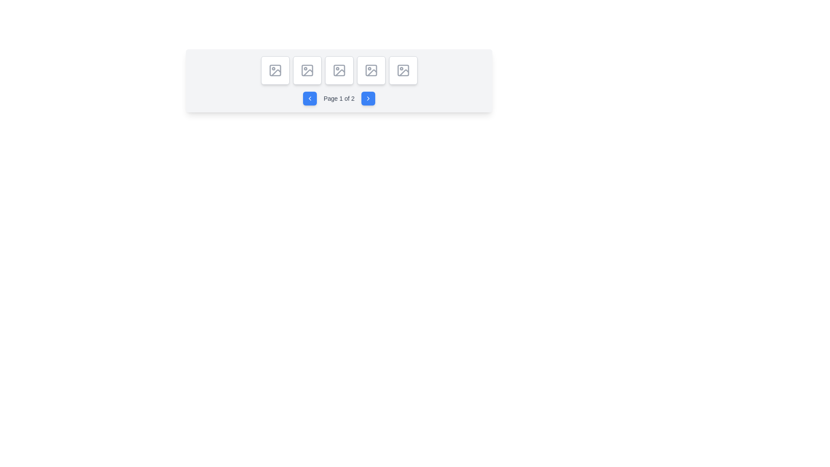 The image size is (830, 467). I want to click on the blue button with rounded corners that has a white right-pointing chevron icon in the center, so click(368, 98).